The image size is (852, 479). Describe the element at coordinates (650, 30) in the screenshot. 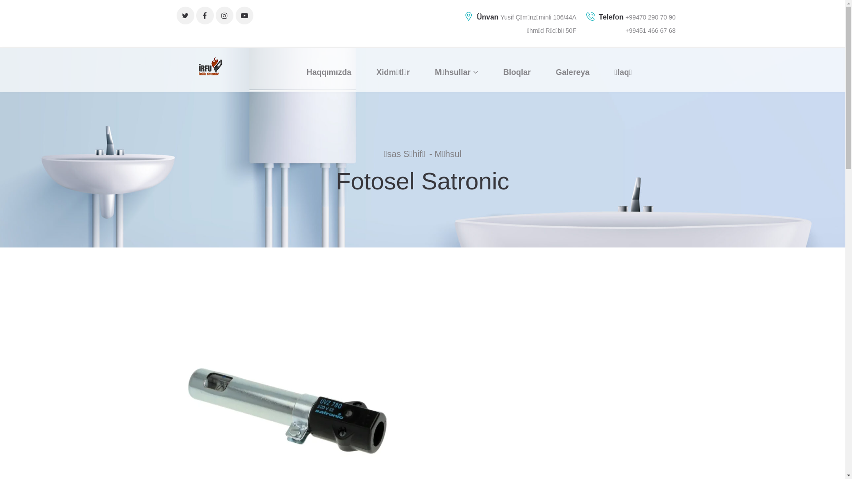

I see `'+99451 466 67 68'` at that location.